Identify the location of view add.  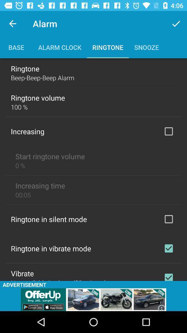
(93, 299).